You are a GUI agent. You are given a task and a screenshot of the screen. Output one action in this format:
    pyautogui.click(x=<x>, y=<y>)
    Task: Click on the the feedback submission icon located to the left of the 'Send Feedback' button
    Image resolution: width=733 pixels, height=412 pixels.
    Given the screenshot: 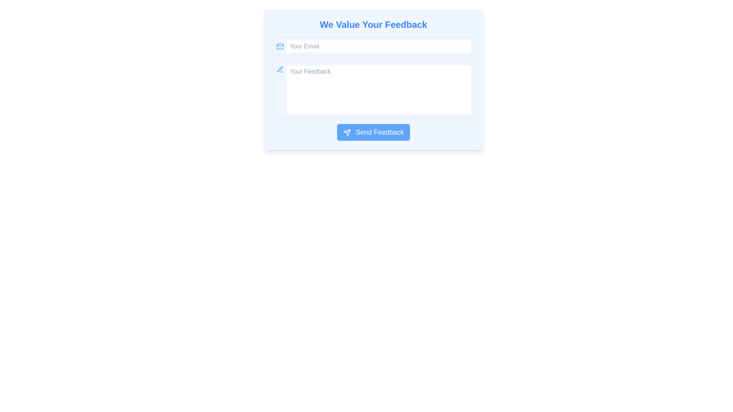 What is the action you would take?
    pyautogui.click(x=346, y=132)
    